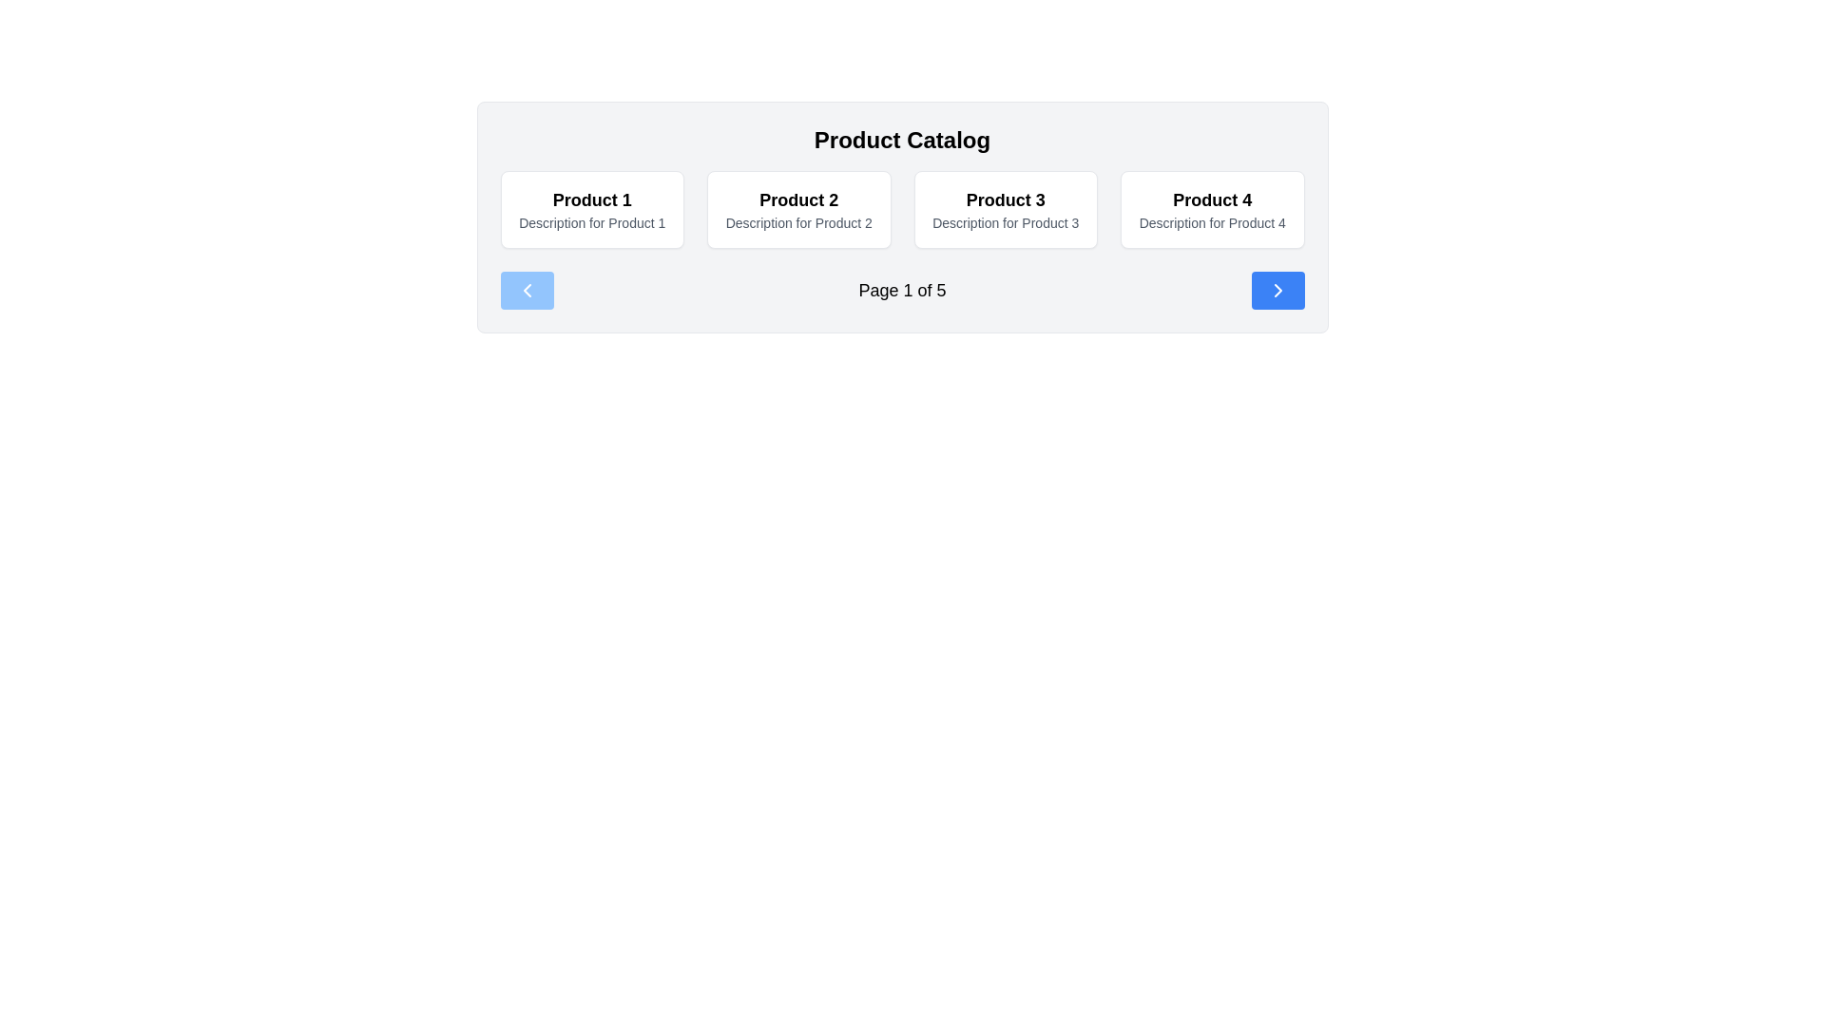 The width and height of the screenshot is (1825, 1026). I want to click on the 'Next Page' button, which is located at the end of the horizontal layout below the product list, aligned to the right of the 'Page 1 of 5' text, so click(1277, 290).